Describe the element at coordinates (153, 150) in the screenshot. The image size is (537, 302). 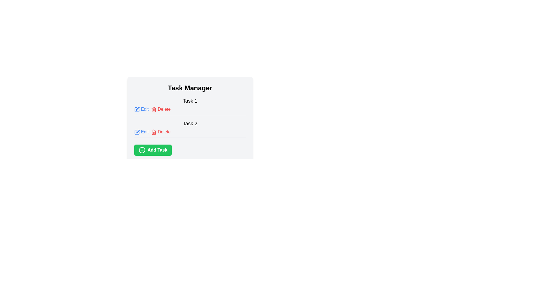
I see `the 'Add Task' button, which is a rectangular button with rounded corners, a bright green background, and white text, located at the bottom of the 'Task Manager' section` at that location.